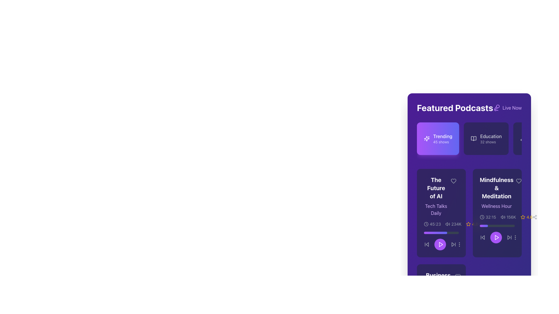 This screenshot has height=314, width=559. I want to click on the slider value, so click(443, 233).